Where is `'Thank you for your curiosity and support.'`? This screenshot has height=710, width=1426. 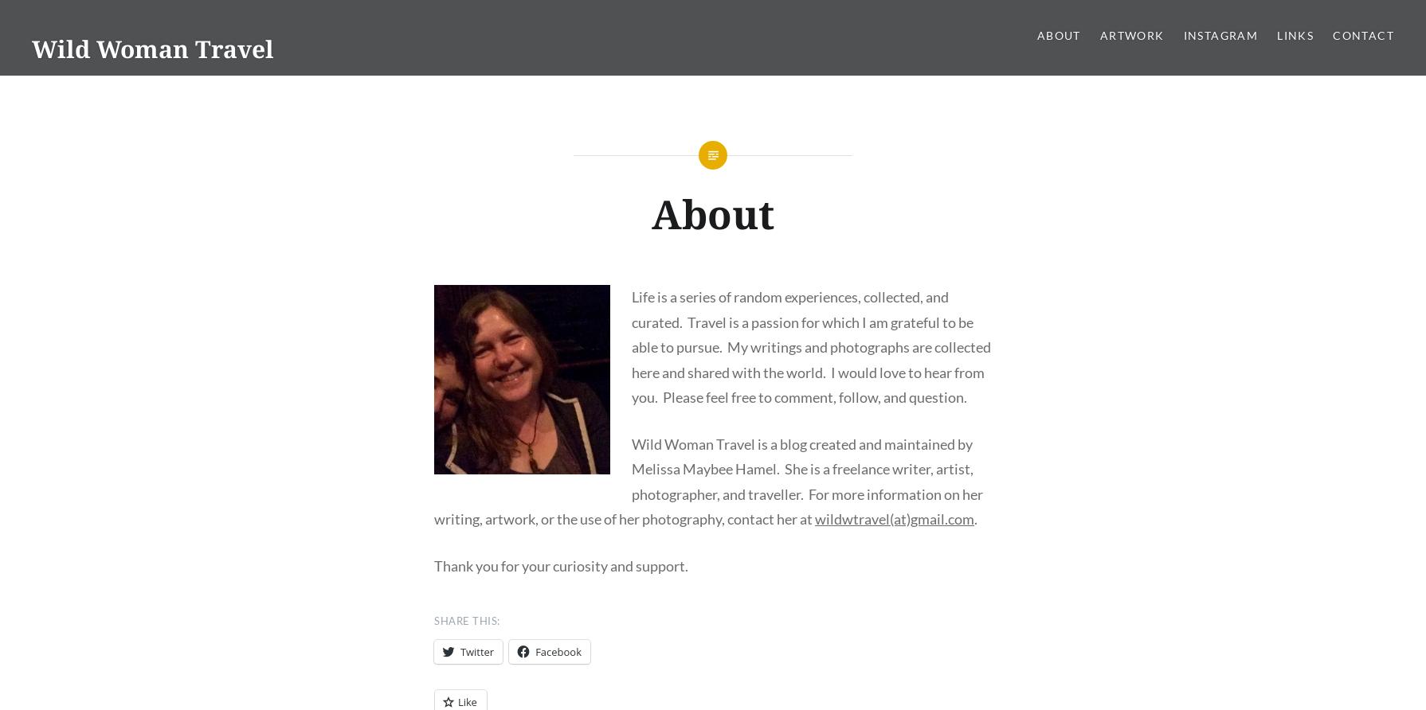 'Thank you for your curiosity and support.' is located at coordinates (560, 565).